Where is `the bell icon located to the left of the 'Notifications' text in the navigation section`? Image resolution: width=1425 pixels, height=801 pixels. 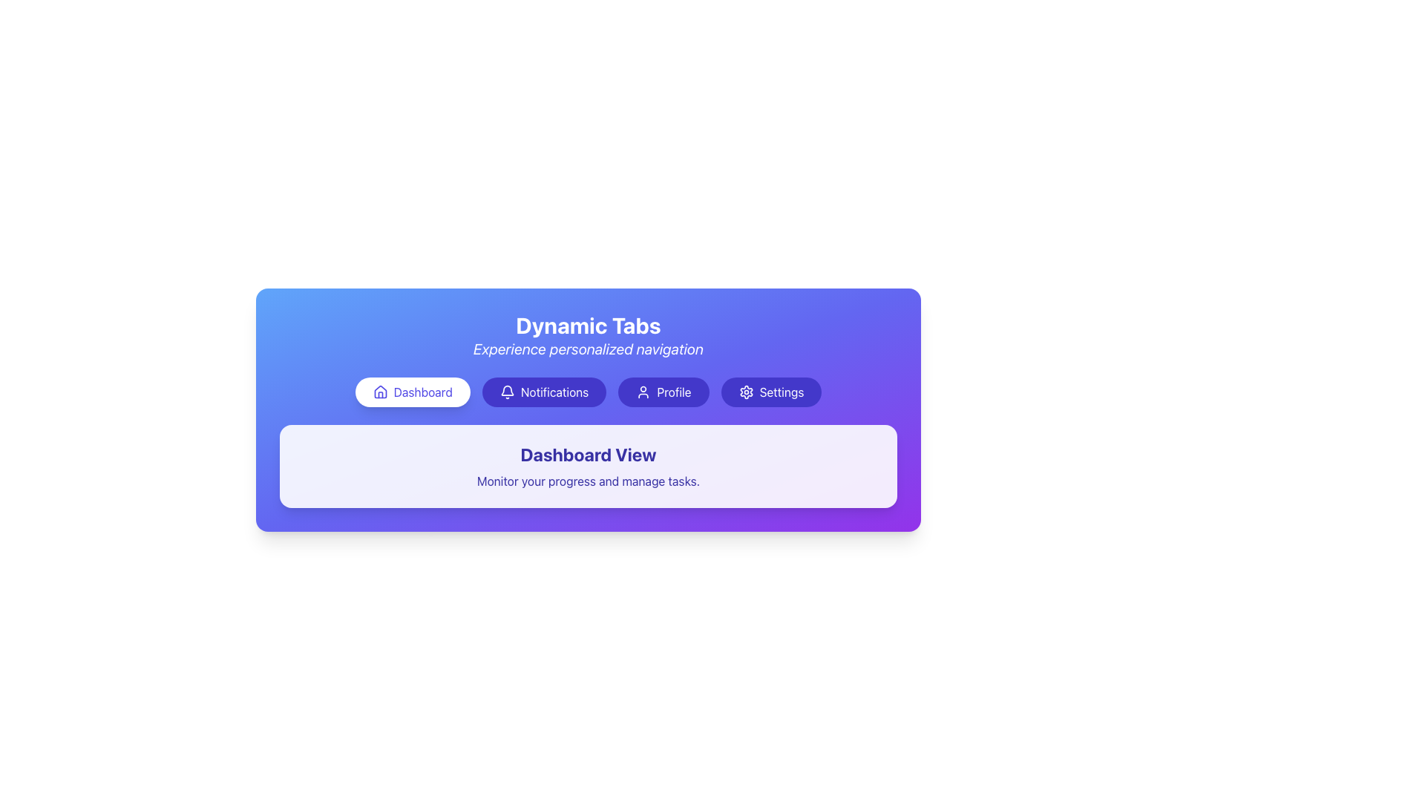
the bell icon located to the left of the 'Notifications' text in the navigation section is located at coordinates (507, 391).